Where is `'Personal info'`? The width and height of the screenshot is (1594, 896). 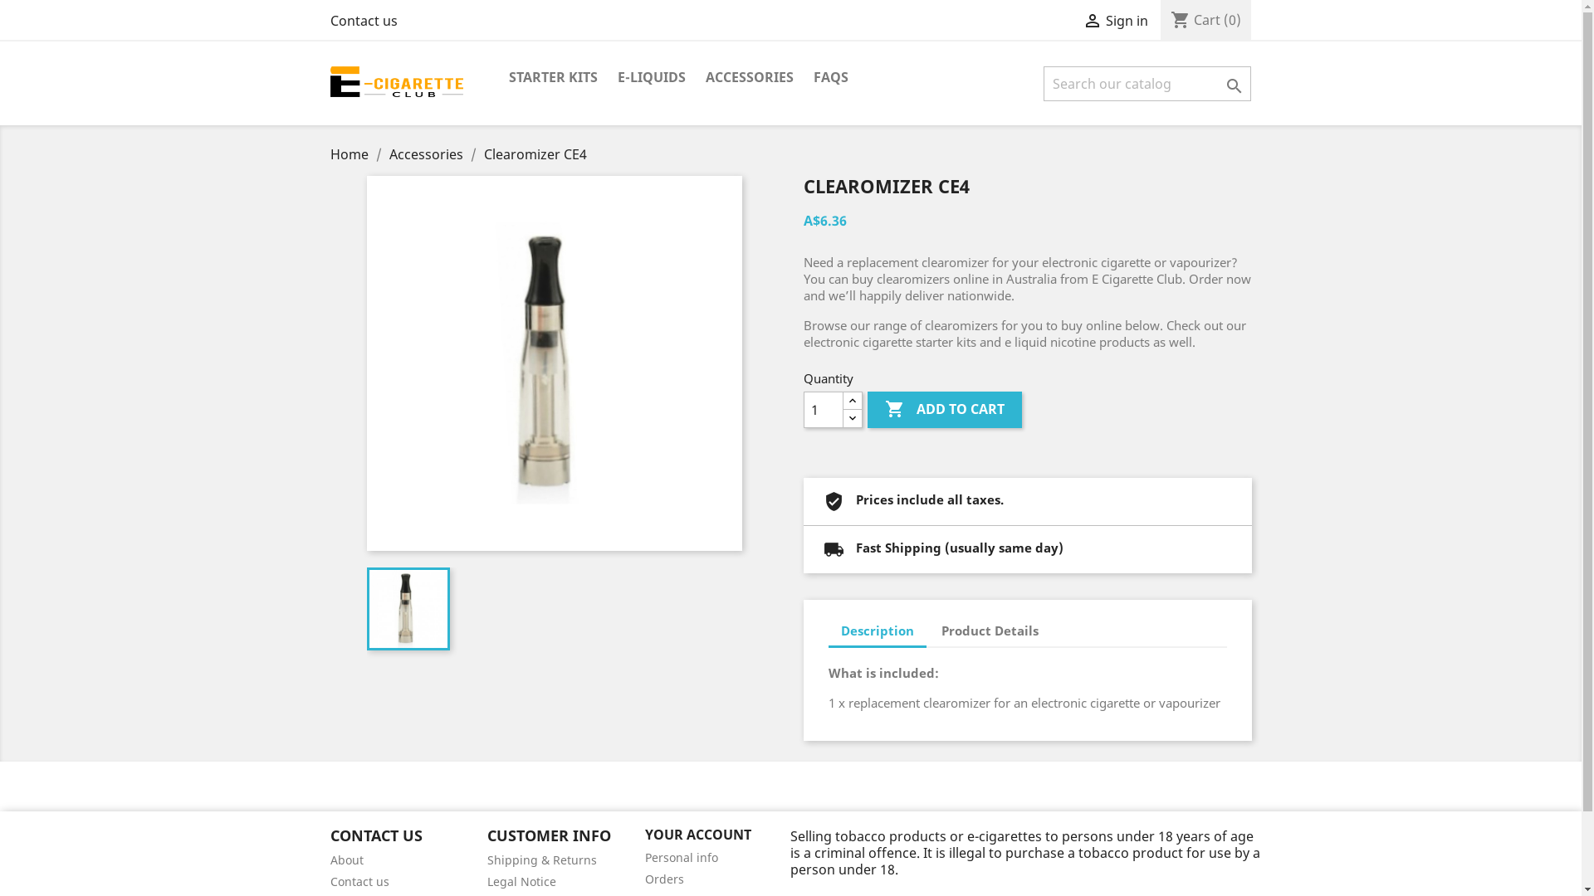 'Personal info' is located at coordinates (681, 857).